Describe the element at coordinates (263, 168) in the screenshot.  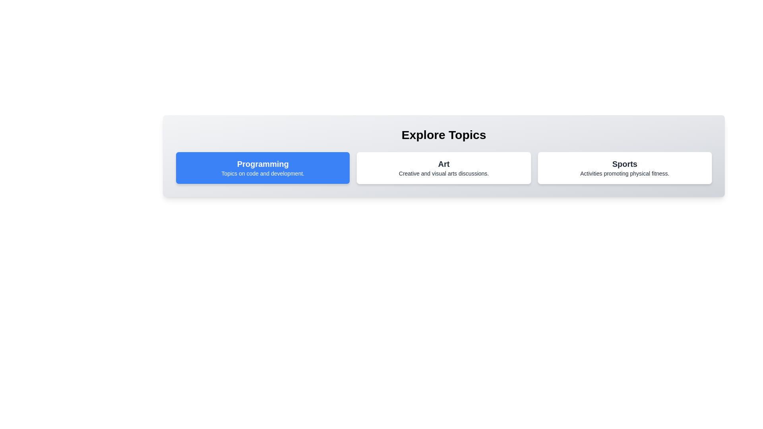
I see `the topic card labeled 'Programming'` at that location.